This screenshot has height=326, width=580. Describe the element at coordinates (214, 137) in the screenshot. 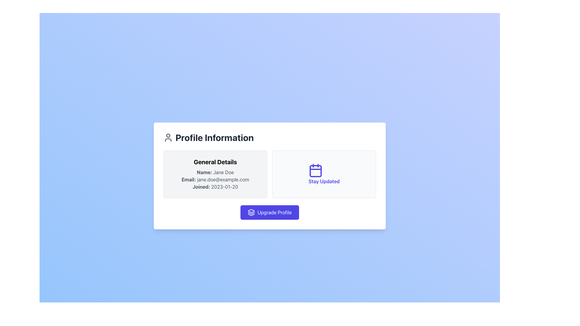

I see `the text label displaying 'Profile Information', which is bold and dark gray, located in the header section of the content card` at that location.